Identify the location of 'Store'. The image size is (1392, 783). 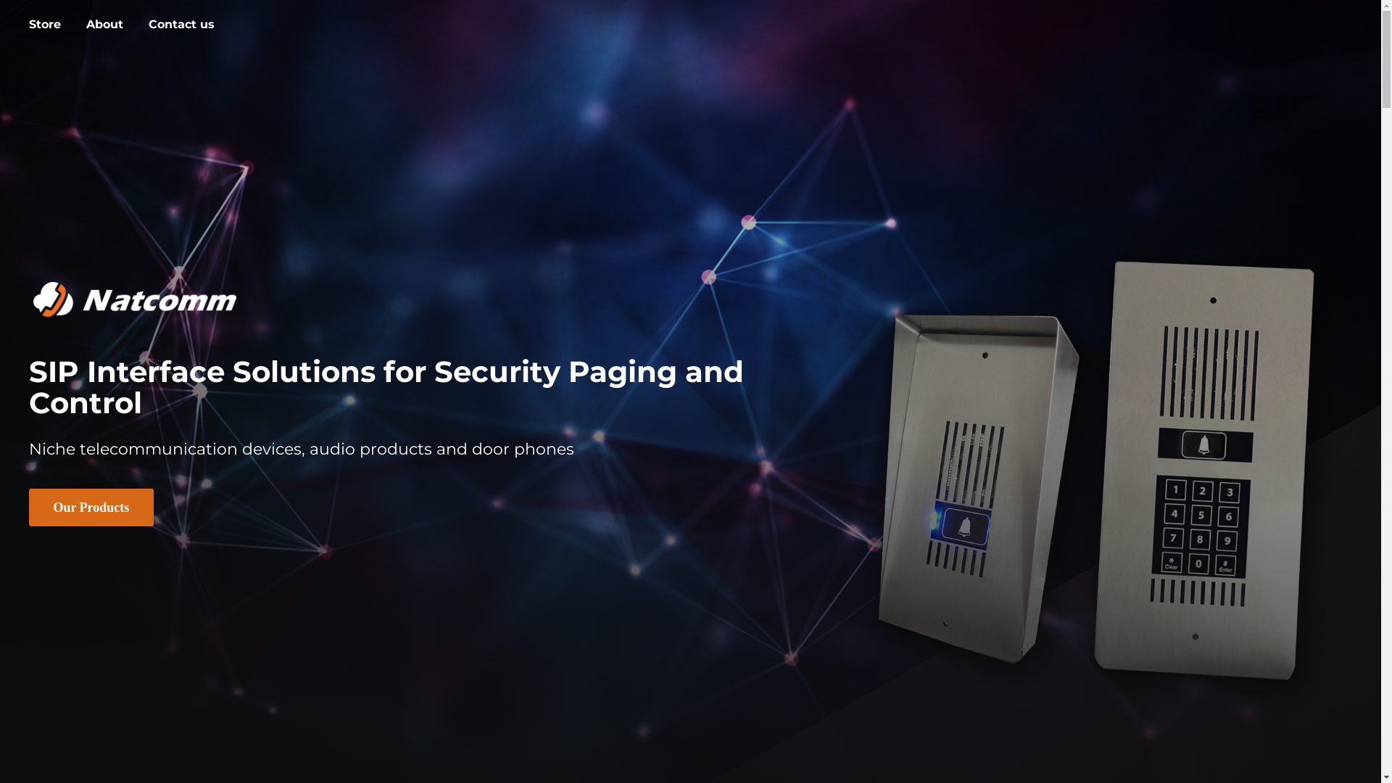
(45, 25).